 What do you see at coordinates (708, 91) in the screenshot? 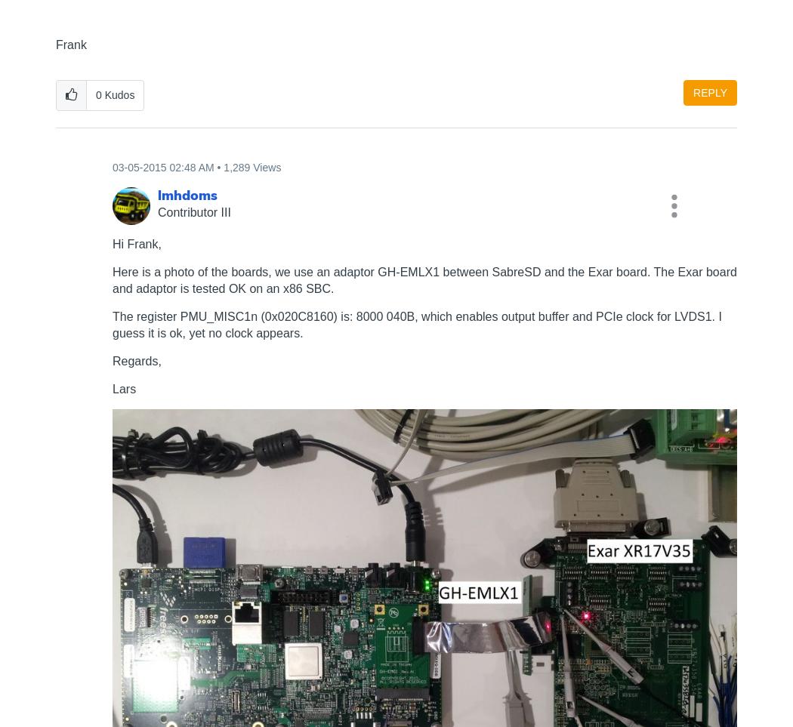
I see `'Reply'` at bounding box center [708, 91].